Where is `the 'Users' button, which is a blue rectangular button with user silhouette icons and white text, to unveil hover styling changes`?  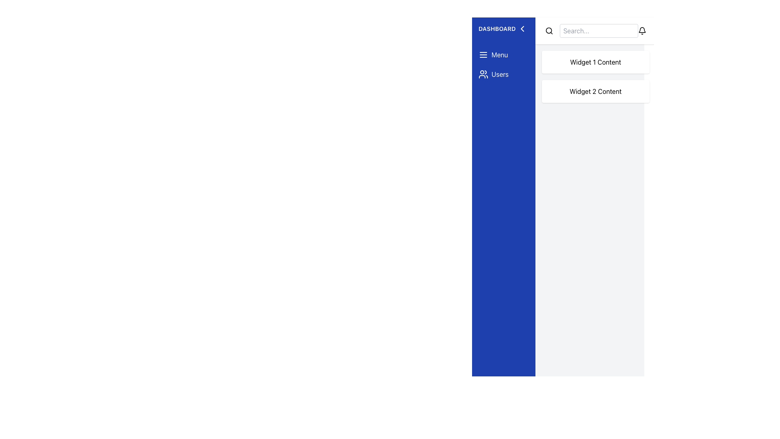 the 'Users' button, which is a blue rectangular button with user silhouette icons and white text, to unveil hover styling changes is located at coordinates (503, 74).